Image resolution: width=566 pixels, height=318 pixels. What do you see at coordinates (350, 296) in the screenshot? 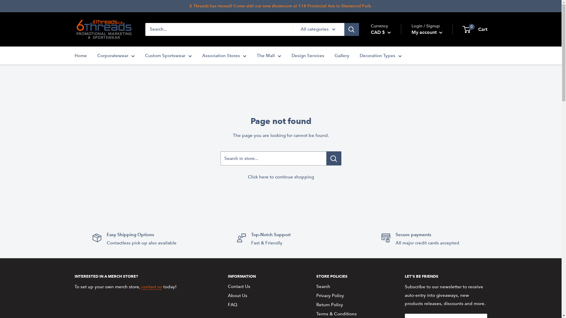
I see `'Privacy Policy'` at bounding box center [350, 296].